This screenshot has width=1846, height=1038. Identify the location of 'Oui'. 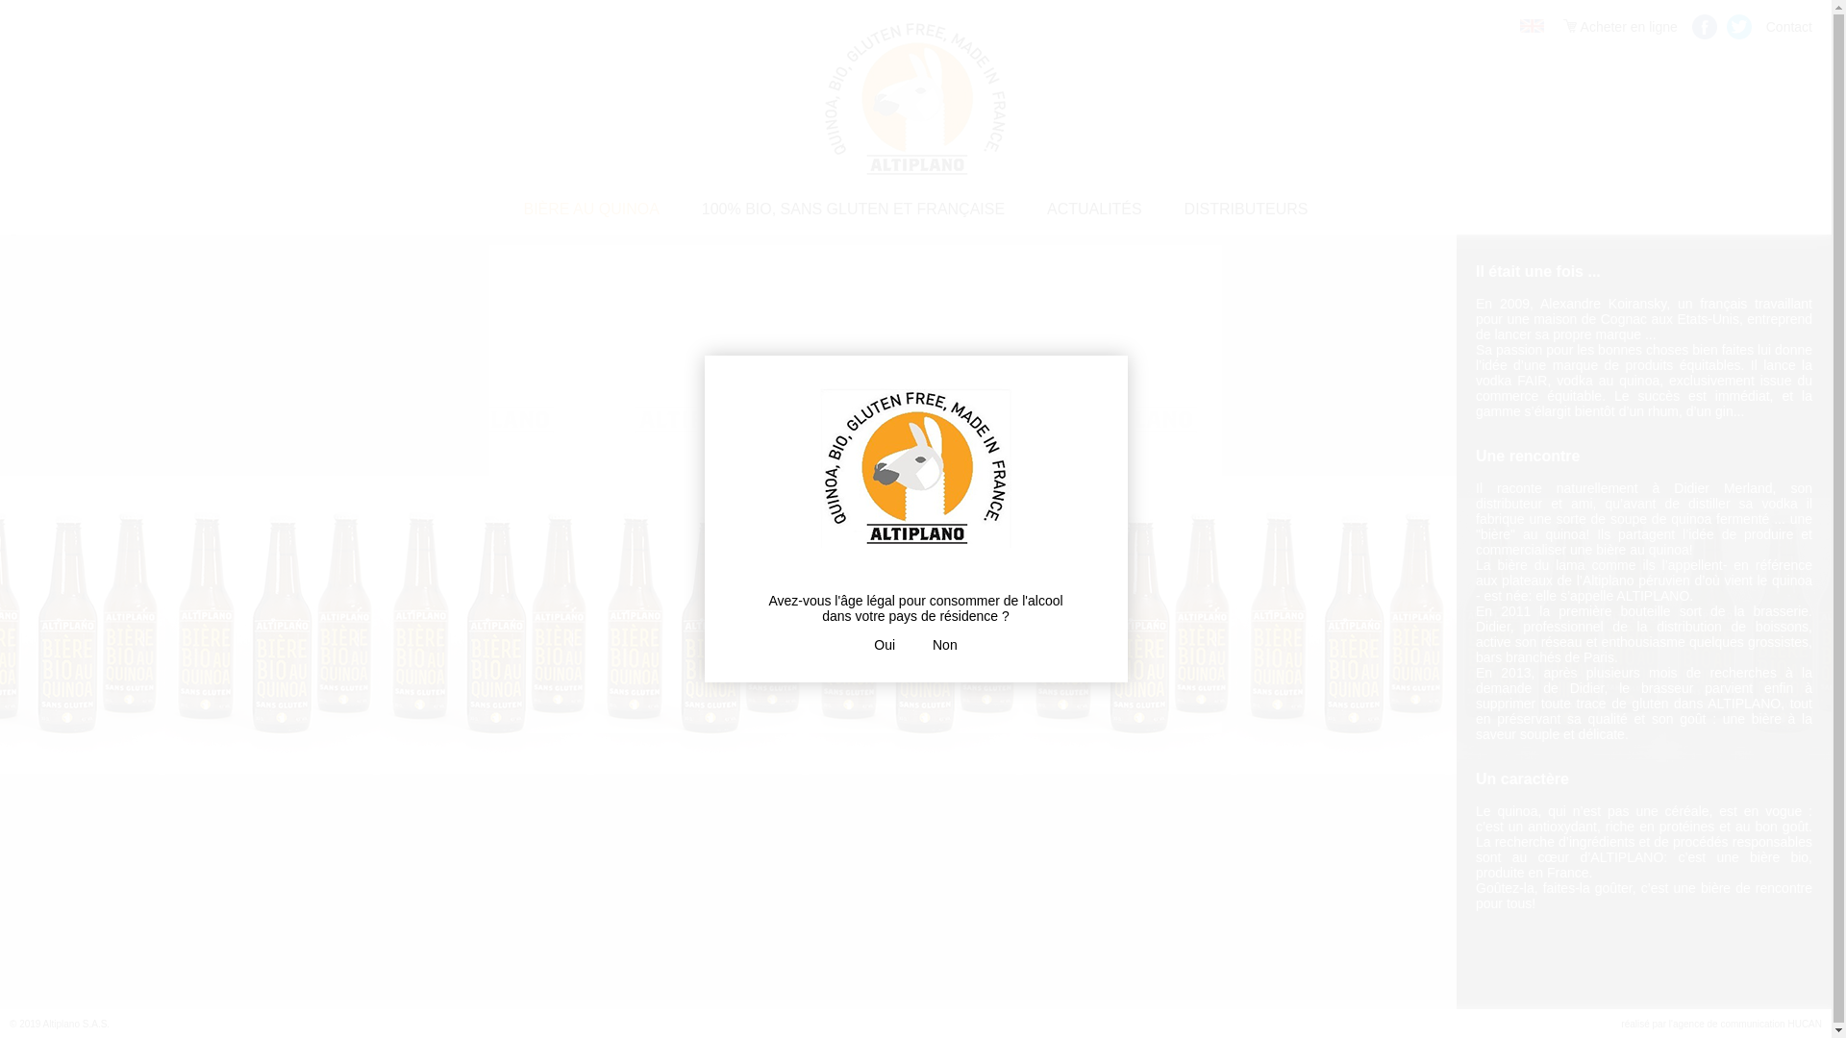
(884, 645).